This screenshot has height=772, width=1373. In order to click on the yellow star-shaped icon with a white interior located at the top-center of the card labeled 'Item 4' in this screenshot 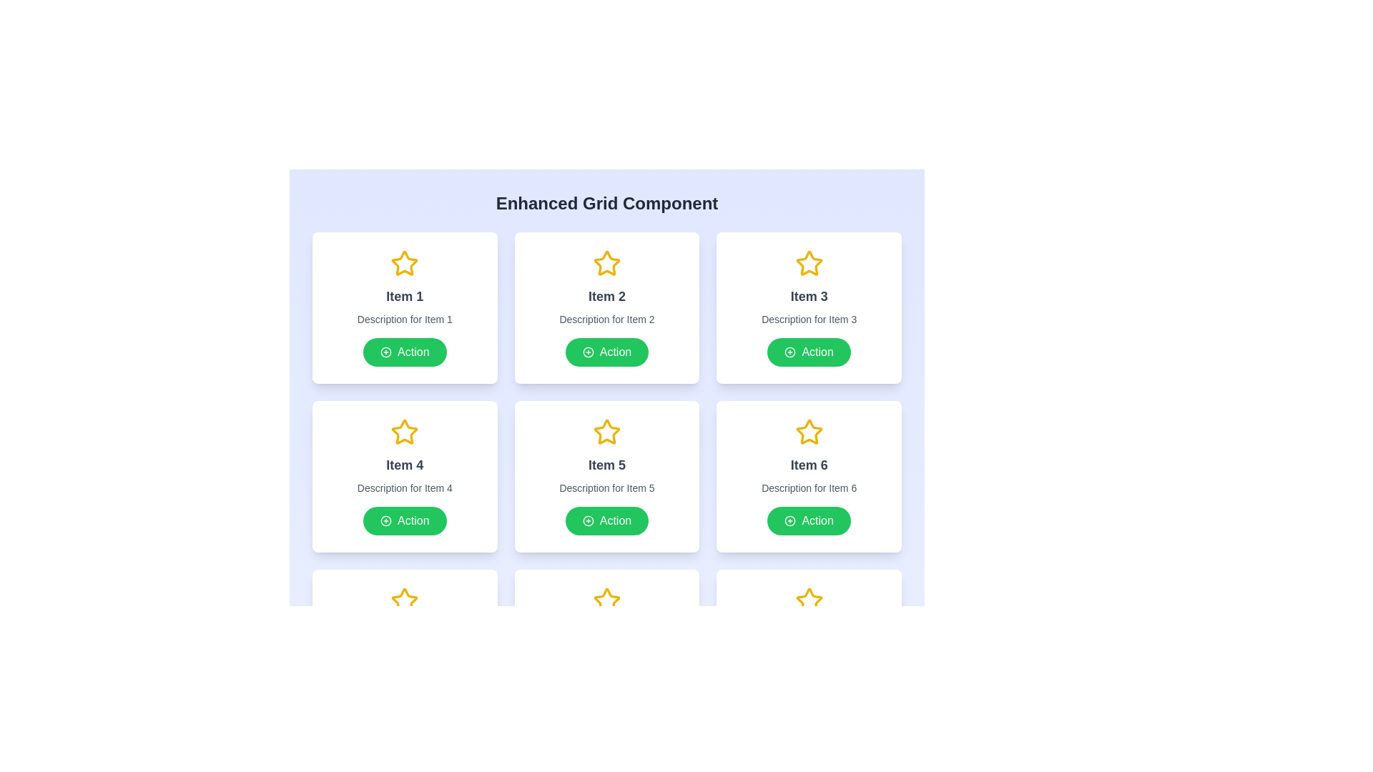, I will do `click(404, 432)`.